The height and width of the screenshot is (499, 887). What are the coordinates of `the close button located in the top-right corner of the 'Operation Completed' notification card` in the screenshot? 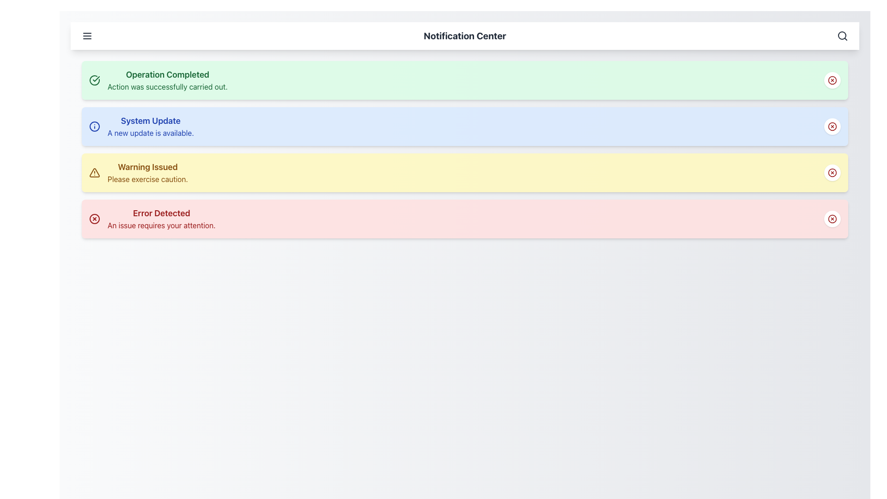 It's located at (832, 79).